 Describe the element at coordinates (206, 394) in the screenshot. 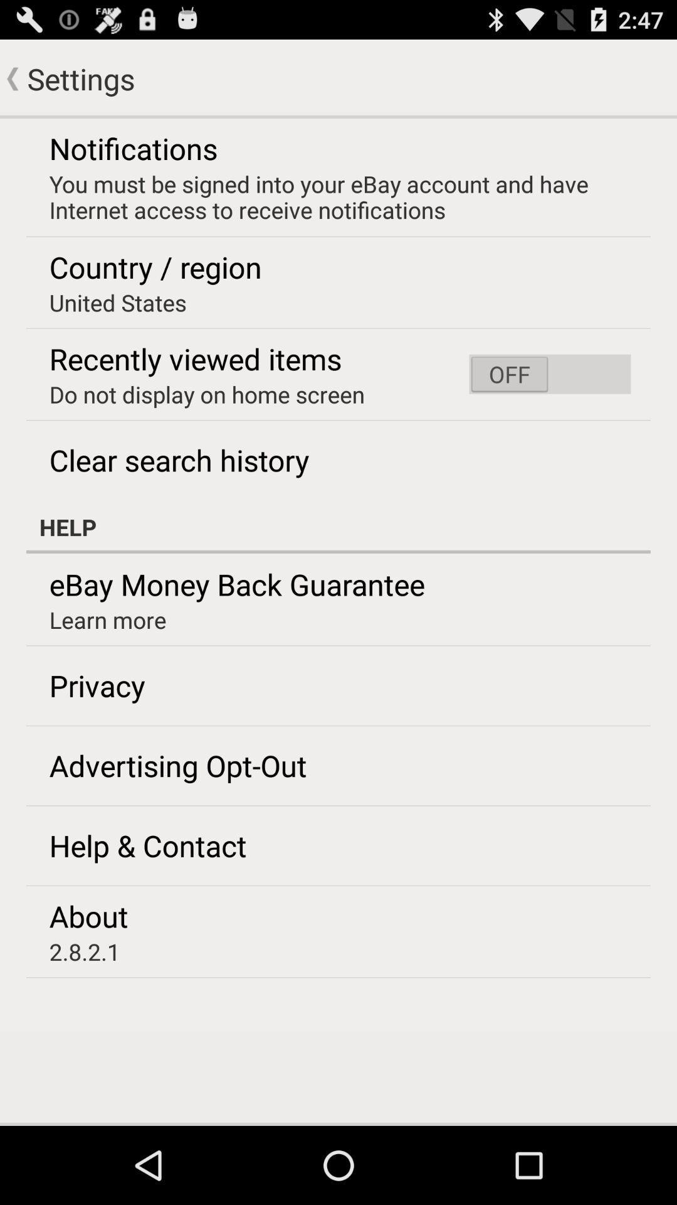

I see `item above the clear search history` at that location.